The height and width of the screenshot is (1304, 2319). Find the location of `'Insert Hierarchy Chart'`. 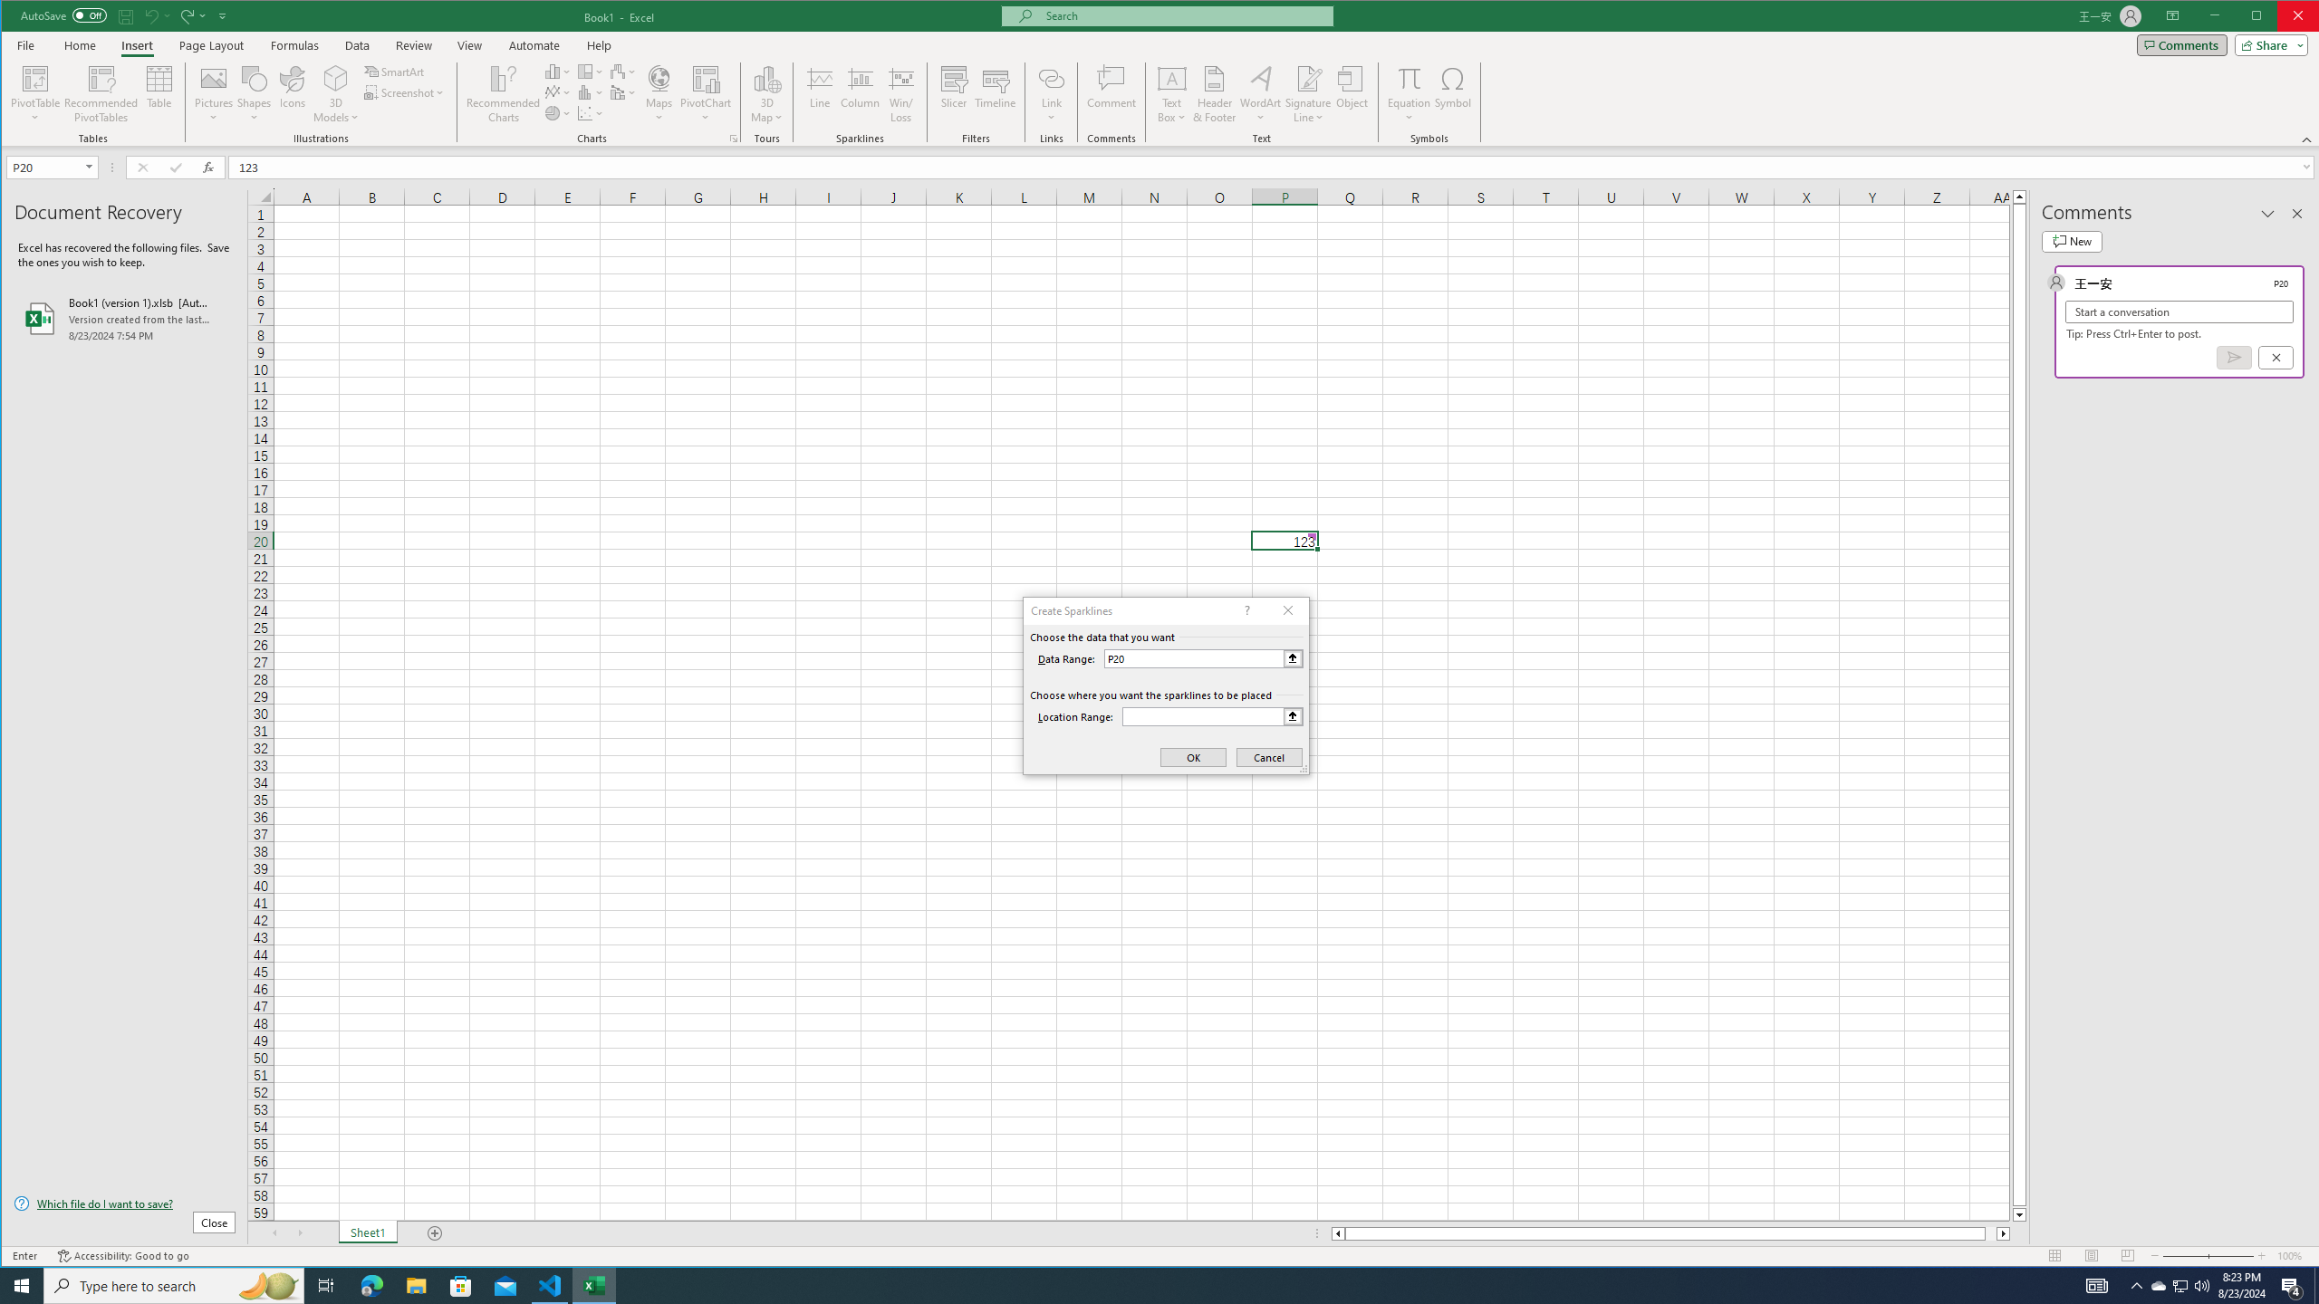

'Insert Hierarchy Chart' is located at coordinates (591, 71).